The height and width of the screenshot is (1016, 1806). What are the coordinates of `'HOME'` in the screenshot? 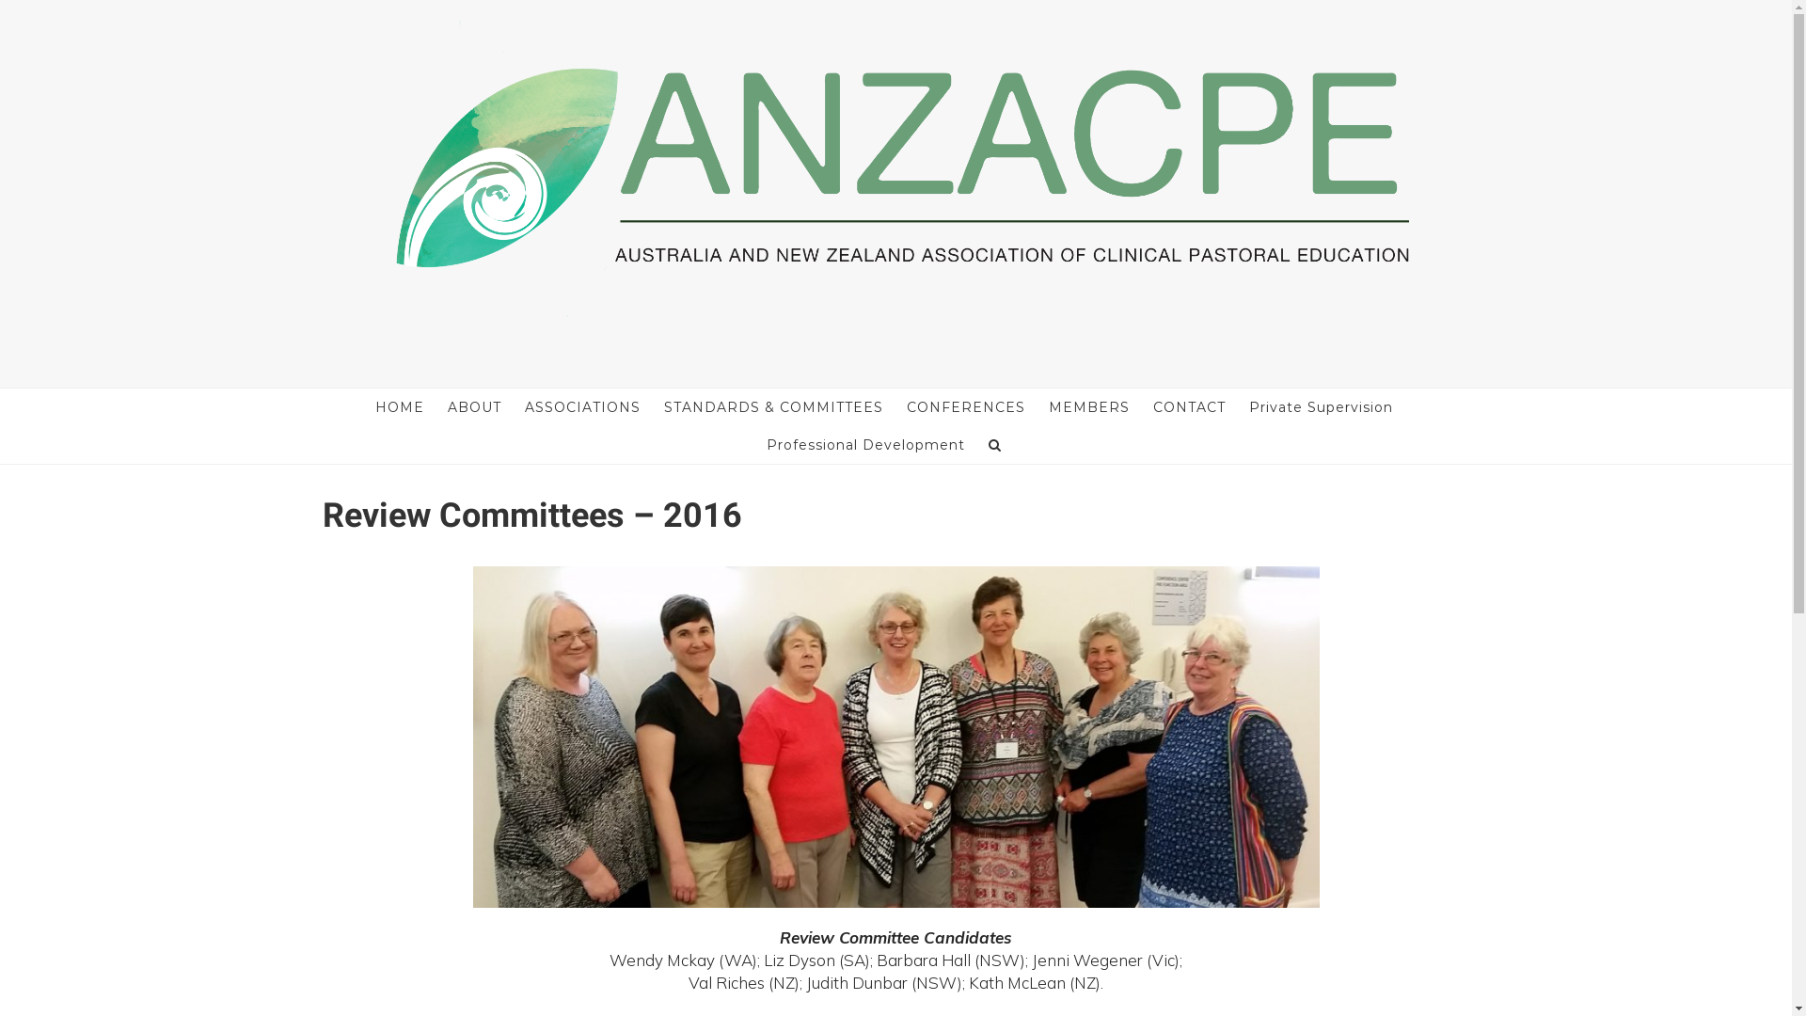 It's located at (399, 405).